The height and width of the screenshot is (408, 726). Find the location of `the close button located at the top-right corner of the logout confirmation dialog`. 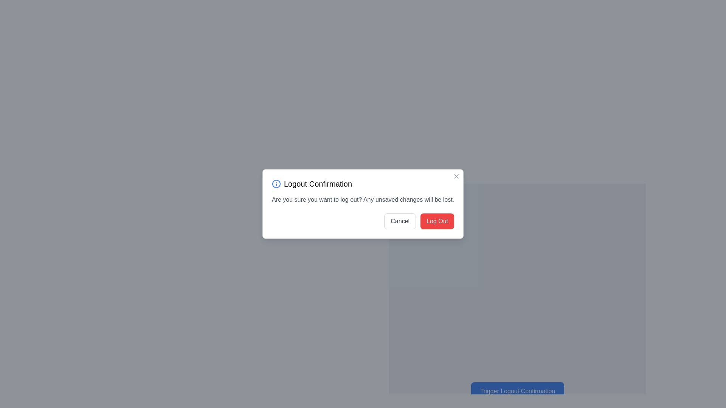

the close button located at the top-right corner of the logout confirmation dialog is located at coordinates (456, 176).